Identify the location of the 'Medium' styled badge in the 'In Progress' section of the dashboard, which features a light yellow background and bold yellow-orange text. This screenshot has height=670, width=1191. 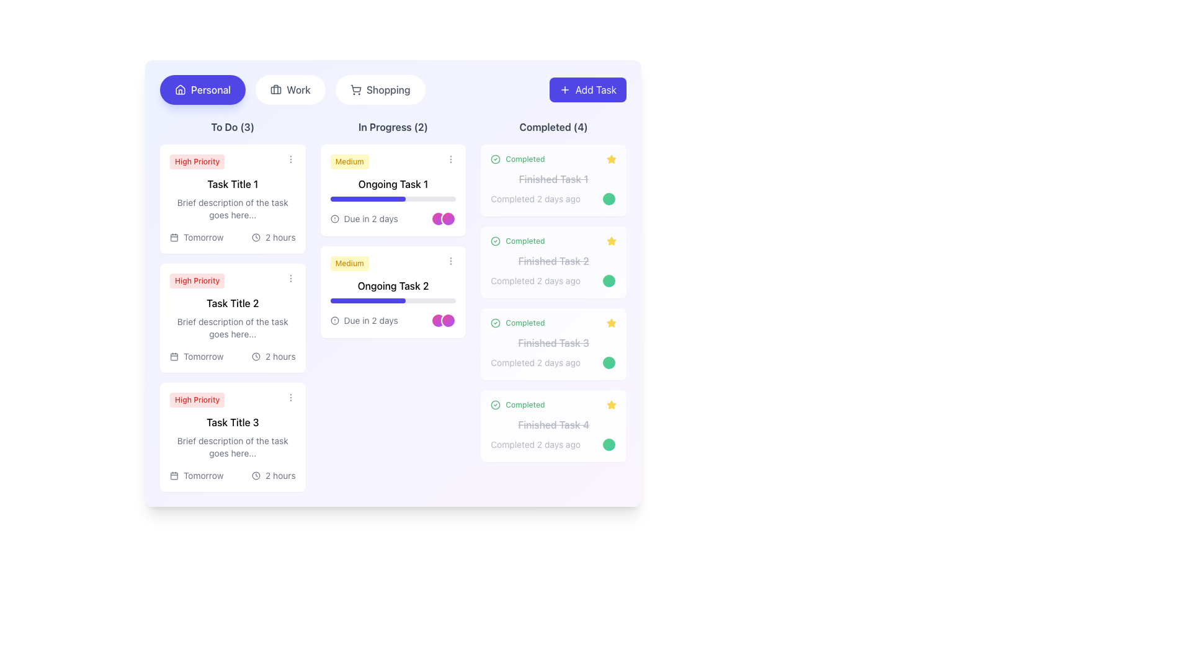
(349, 161).